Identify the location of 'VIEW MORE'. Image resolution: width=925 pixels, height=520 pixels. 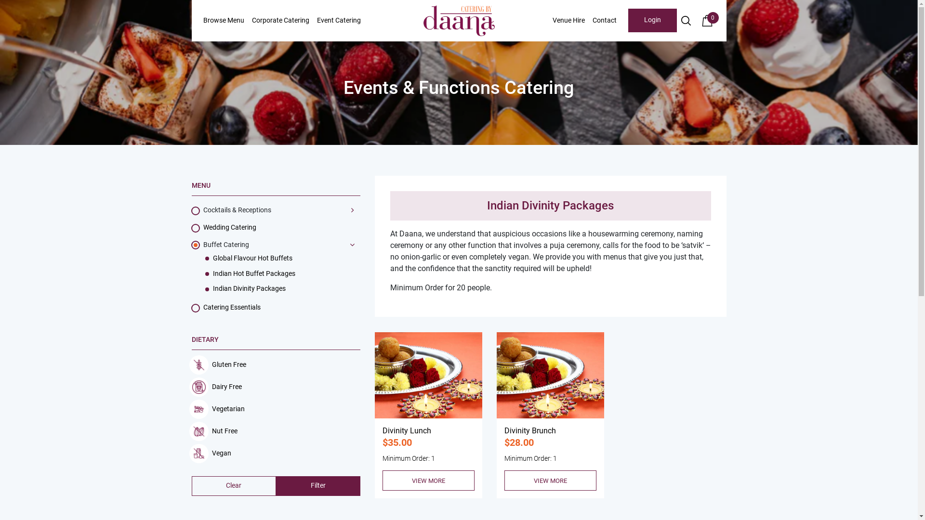
(428, 481).